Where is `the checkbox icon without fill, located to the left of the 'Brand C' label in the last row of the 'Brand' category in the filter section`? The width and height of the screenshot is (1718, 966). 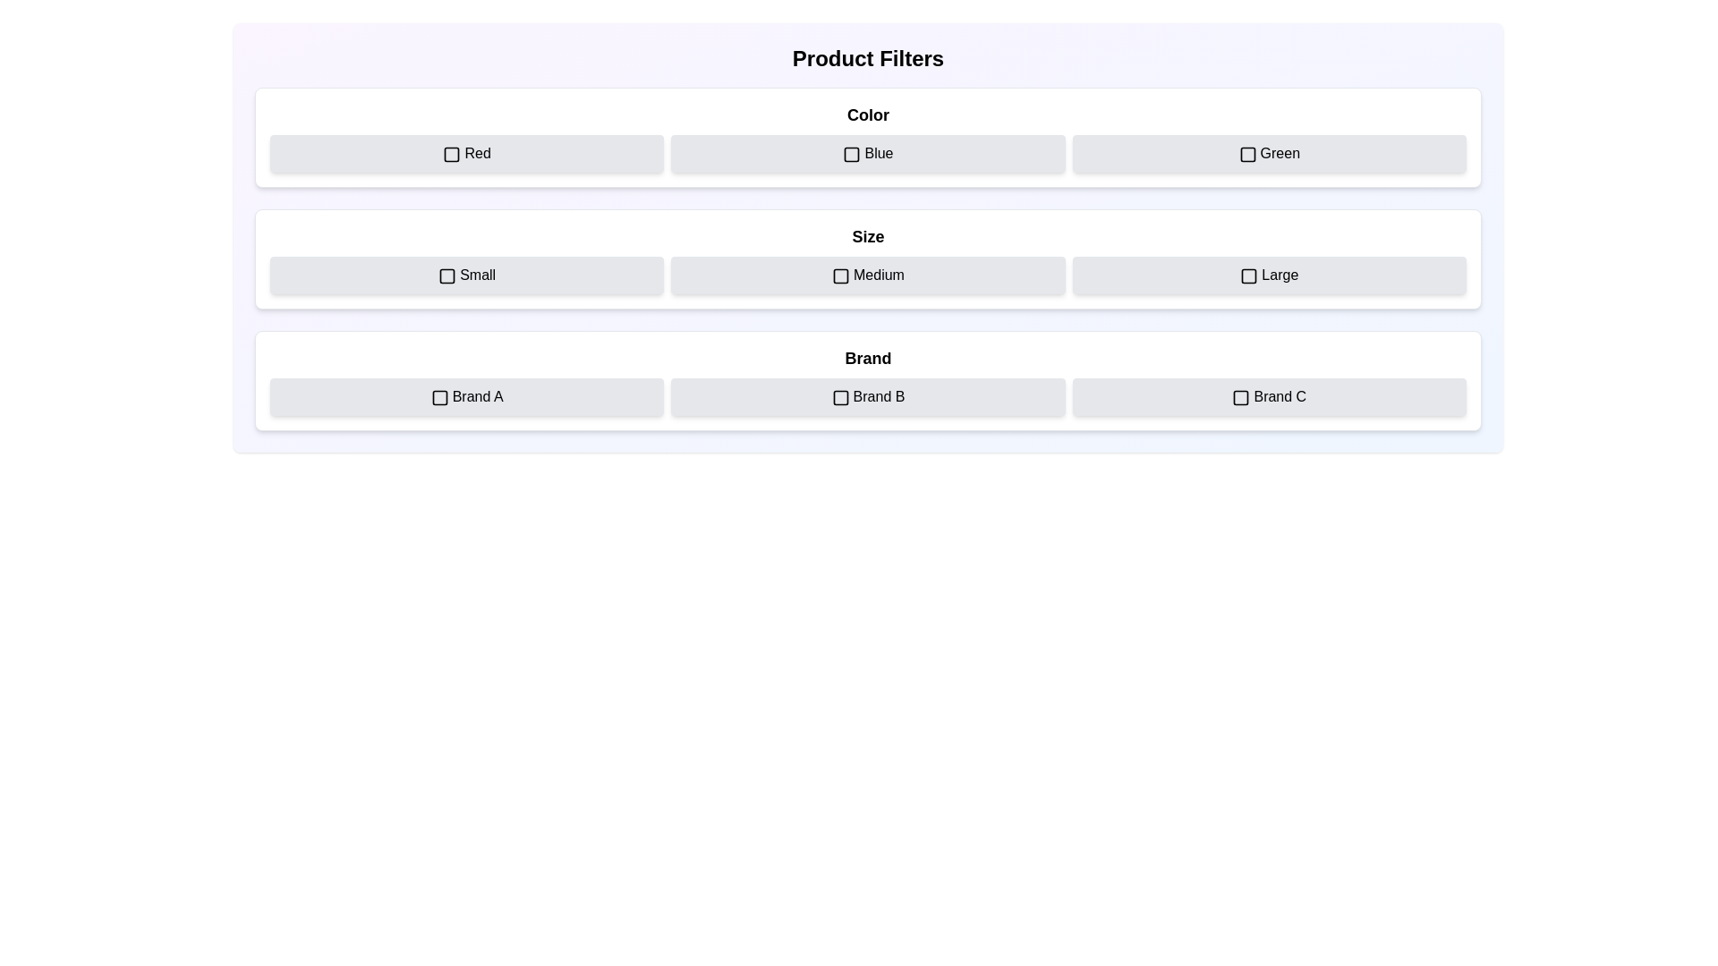 the checkbox icon without fill, located to the left of the 'Brand C' label in the last row of the 'Brand' category in the filter section is located at coordinates (1240, 396).